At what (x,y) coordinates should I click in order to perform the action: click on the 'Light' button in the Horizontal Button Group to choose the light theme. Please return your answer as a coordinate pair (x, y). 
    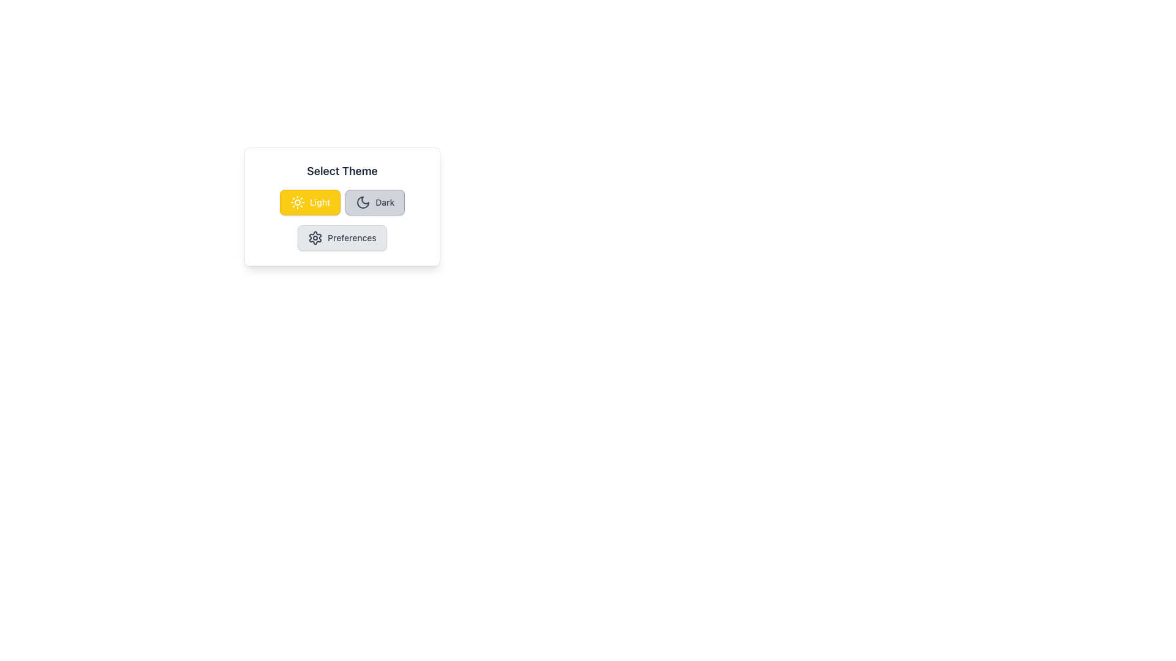
    Looking at the image, I should click on (342, 202).